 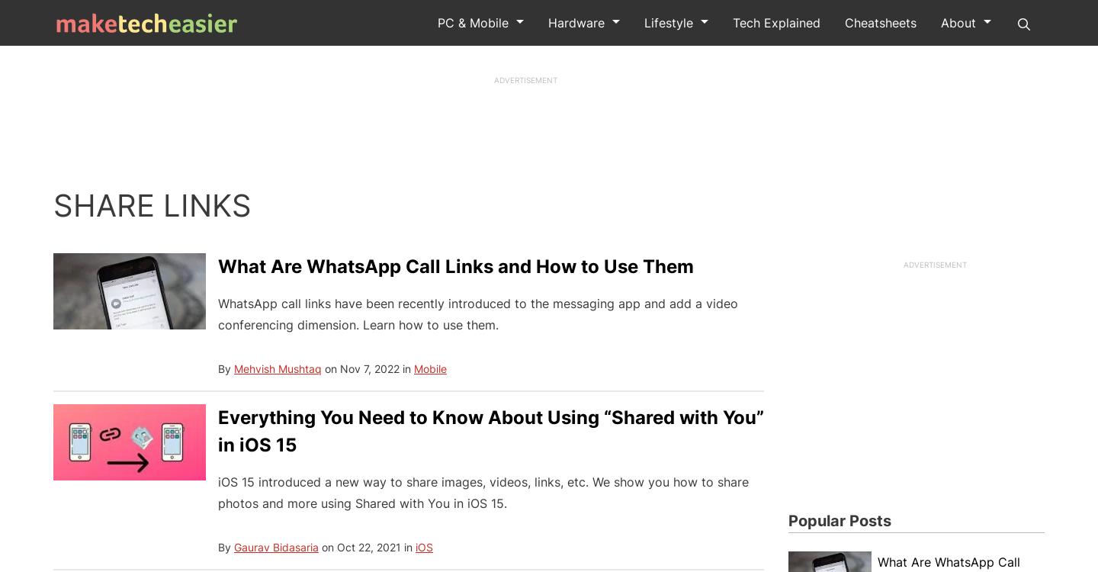 I want to click on 'Cheatsheets', so click(x=843, y=23).